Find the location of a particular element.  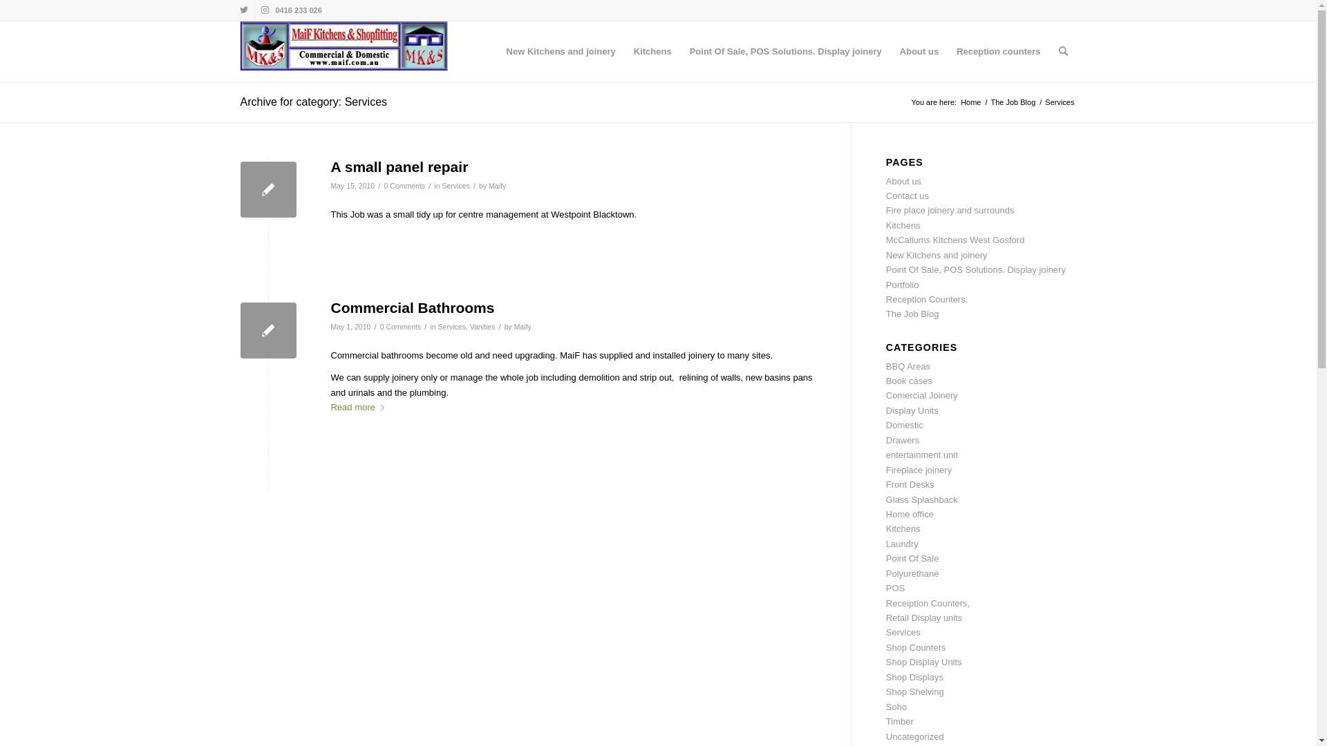

'Drawers' is located at coordinates (902, 440).